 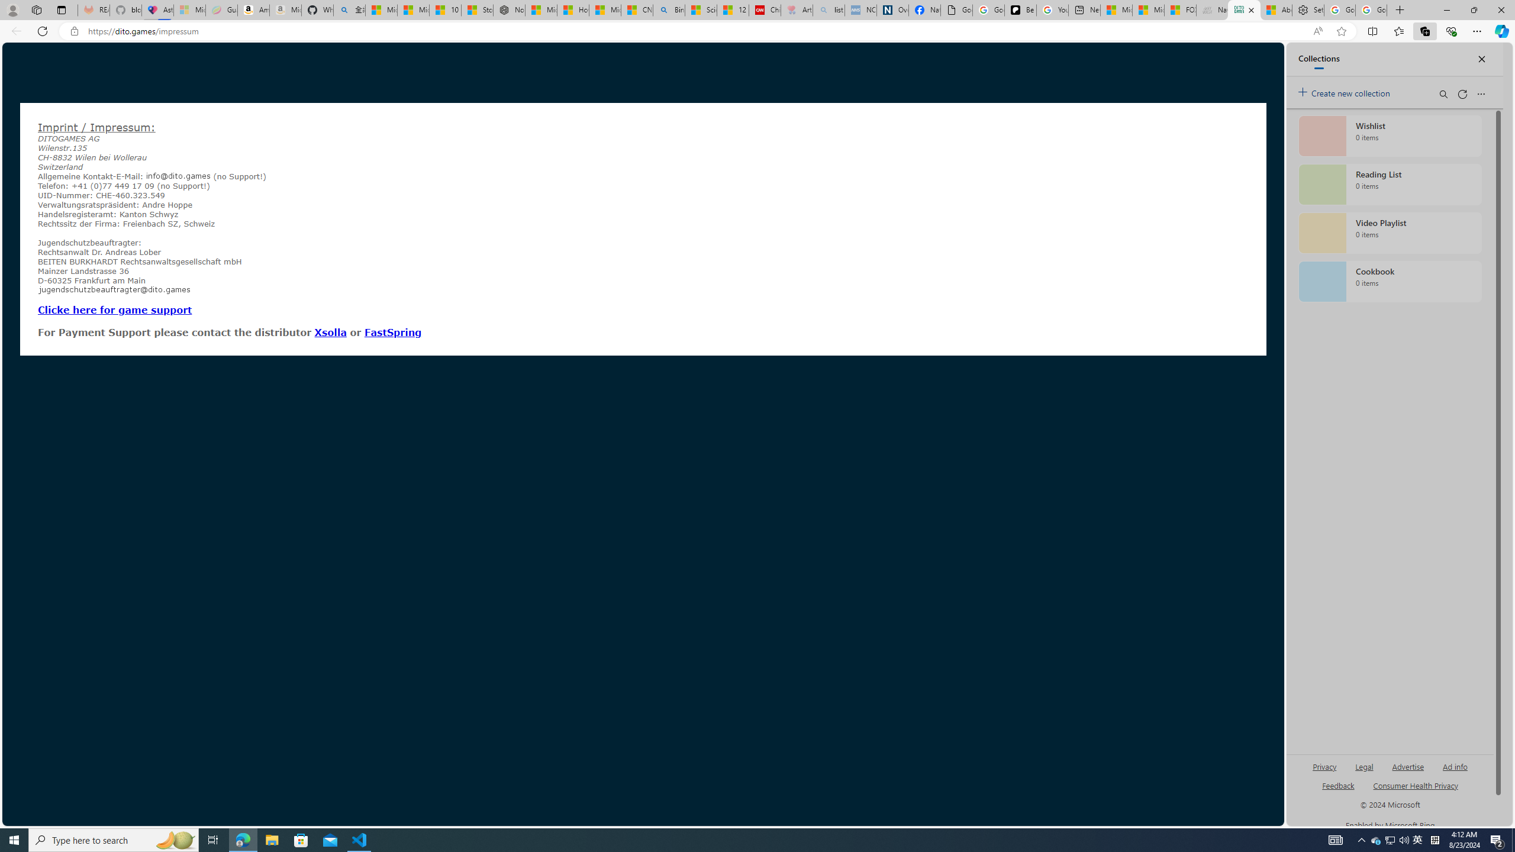 I want to click on 'Google Analytics Opt-out Browser Add-on Download Page', so click(x=956, y=9).